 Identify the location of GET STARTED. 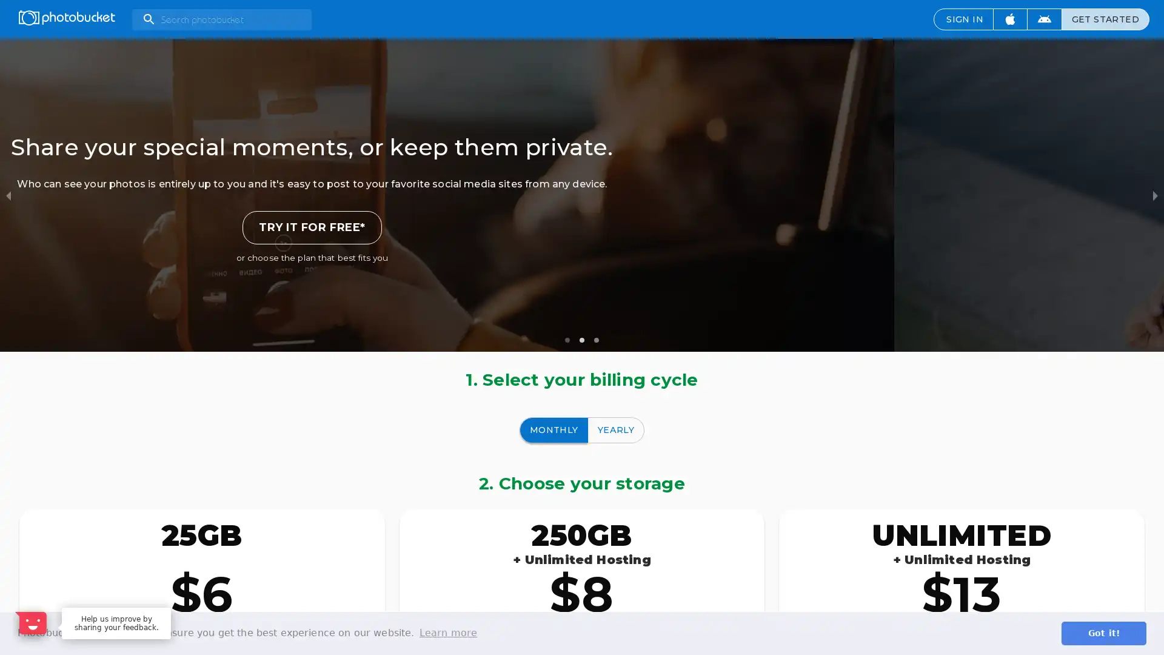
(1105, 19).